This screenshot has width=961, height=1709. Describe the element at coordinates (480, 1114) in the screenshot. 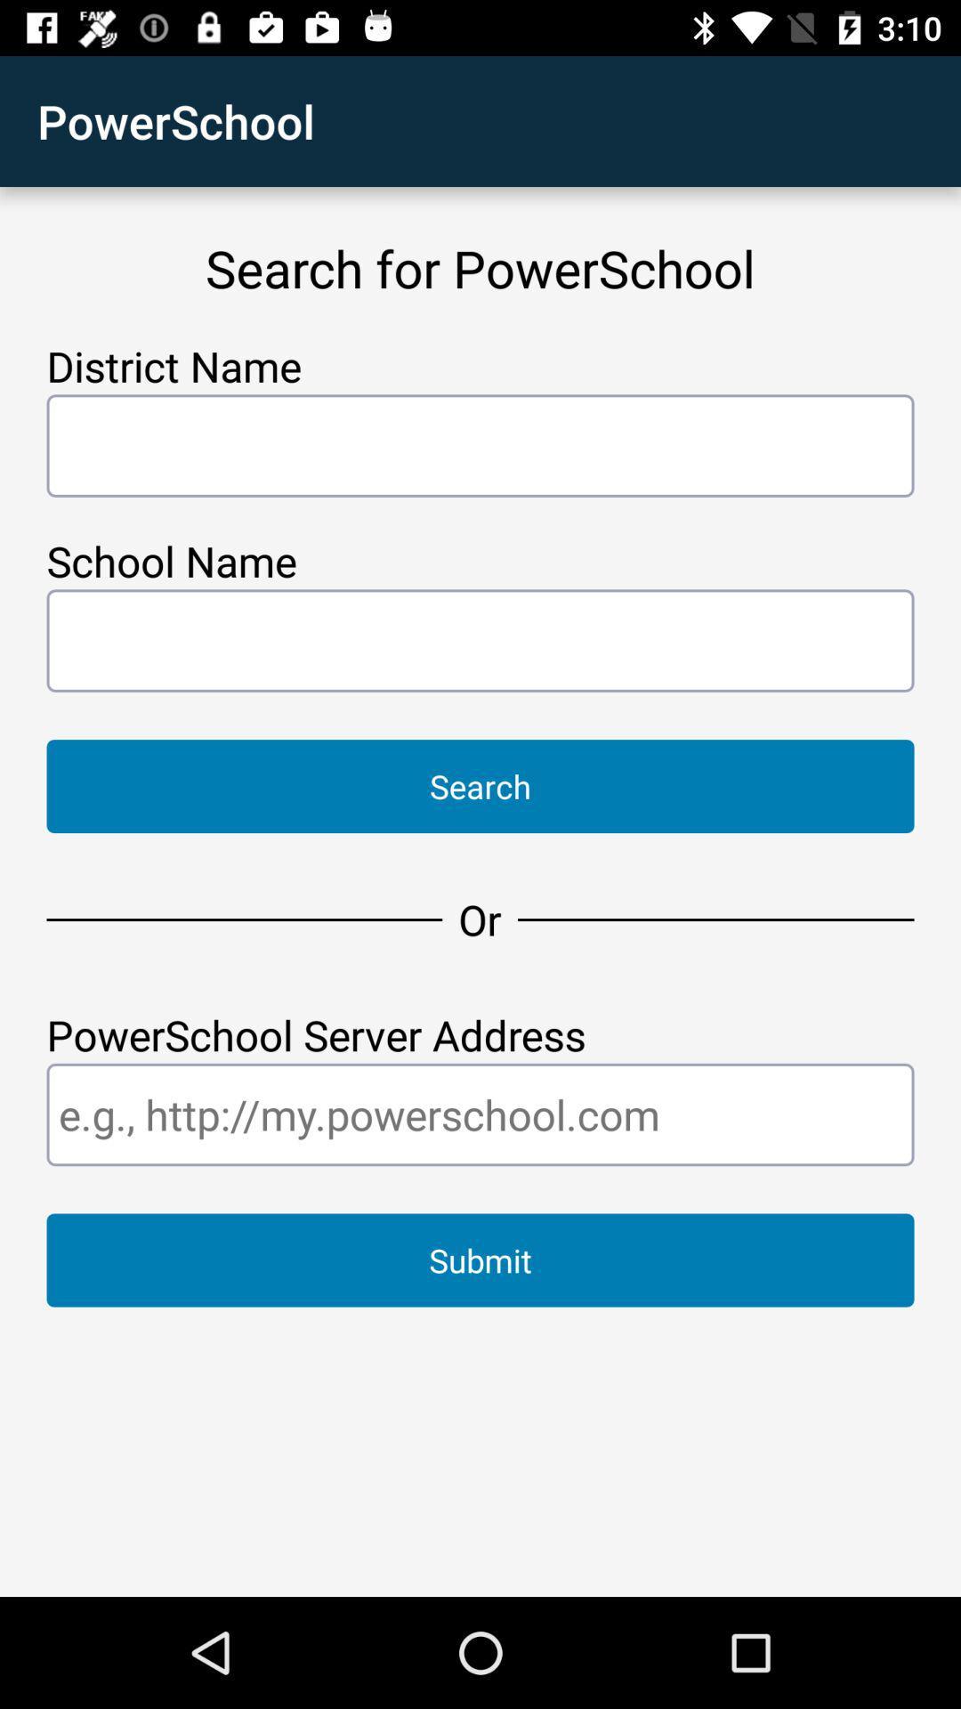

I see `type website address` at that location.